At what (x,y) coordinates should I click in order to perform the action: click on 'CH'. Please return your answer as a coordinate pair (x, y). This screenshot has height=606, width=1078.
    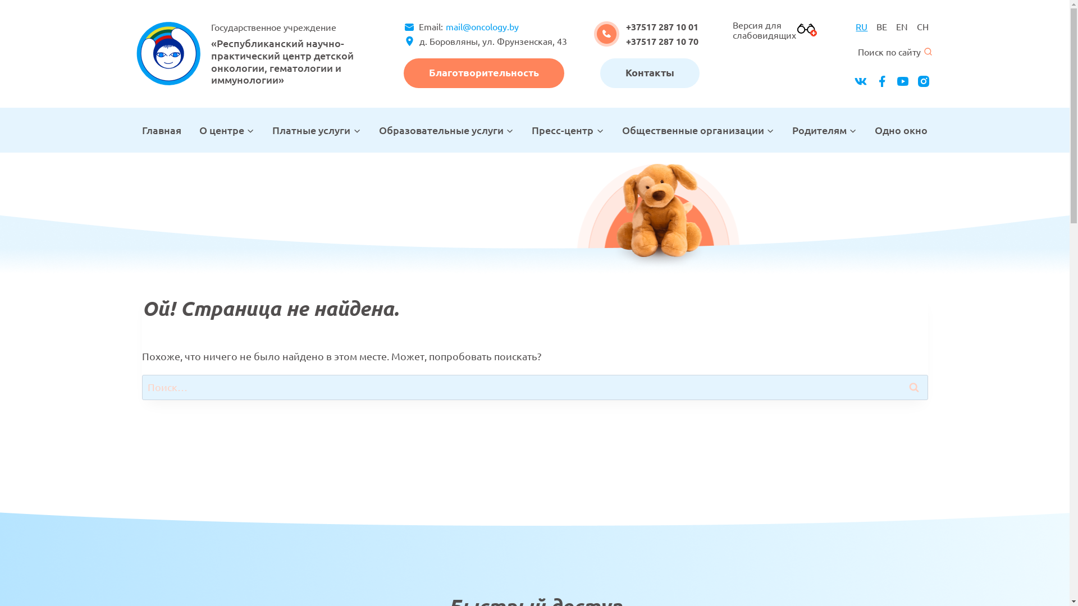
    Looking at the image, I should click on (922, 26).